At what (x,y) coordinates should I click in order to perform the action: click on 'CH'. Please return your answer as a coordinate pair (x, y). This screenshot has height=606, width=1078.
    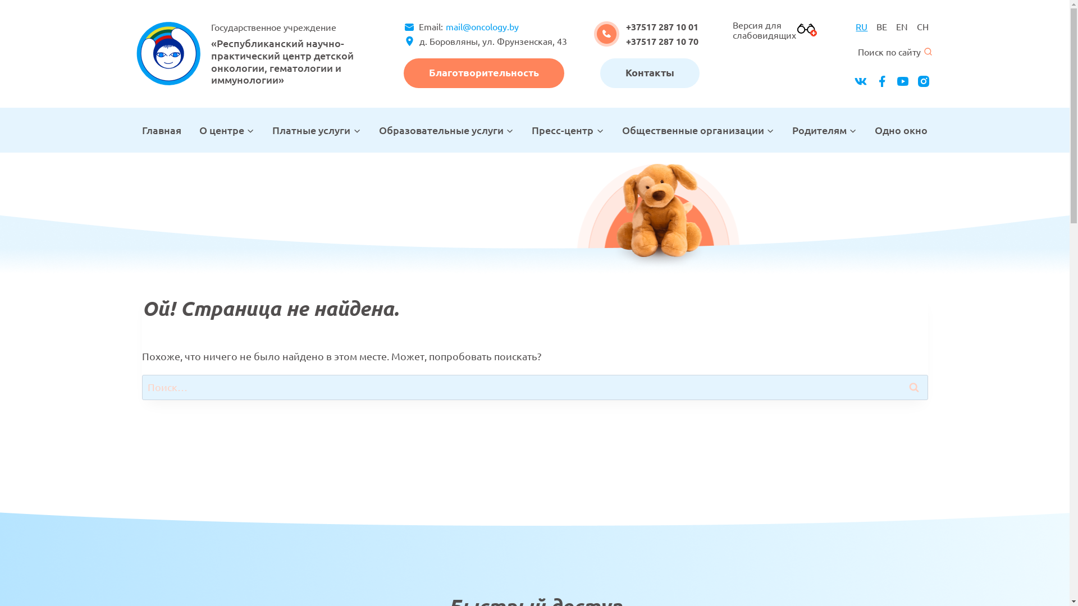
    Looking at the image, I should click on (922, 26).